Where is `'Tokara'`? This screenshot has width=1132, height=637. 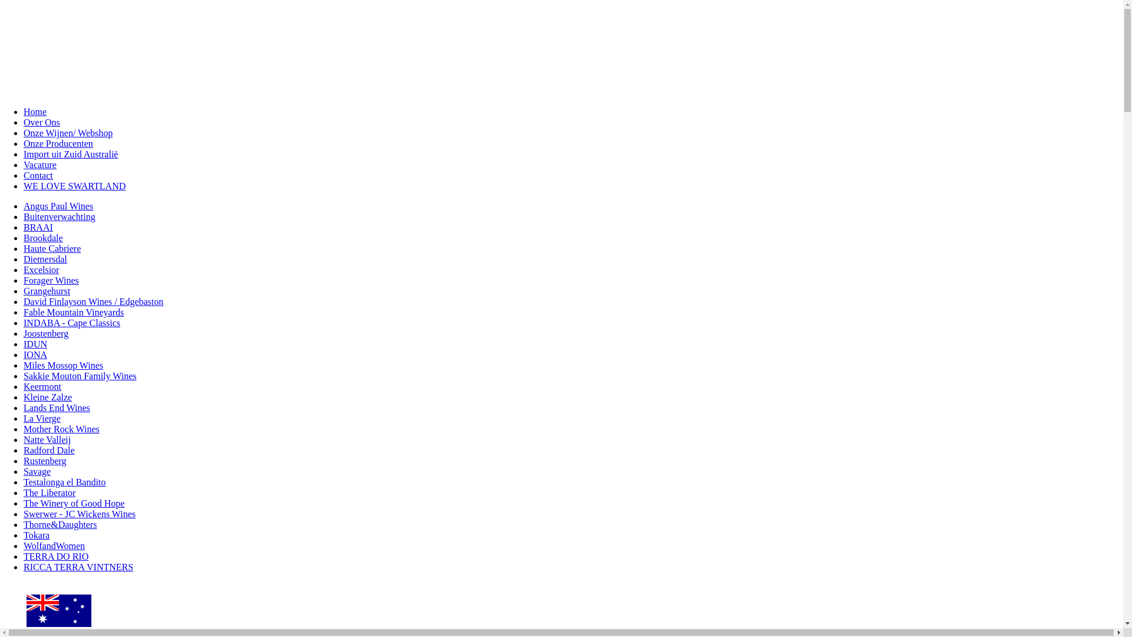 'Tokara' is located at coordinates (37, 535).